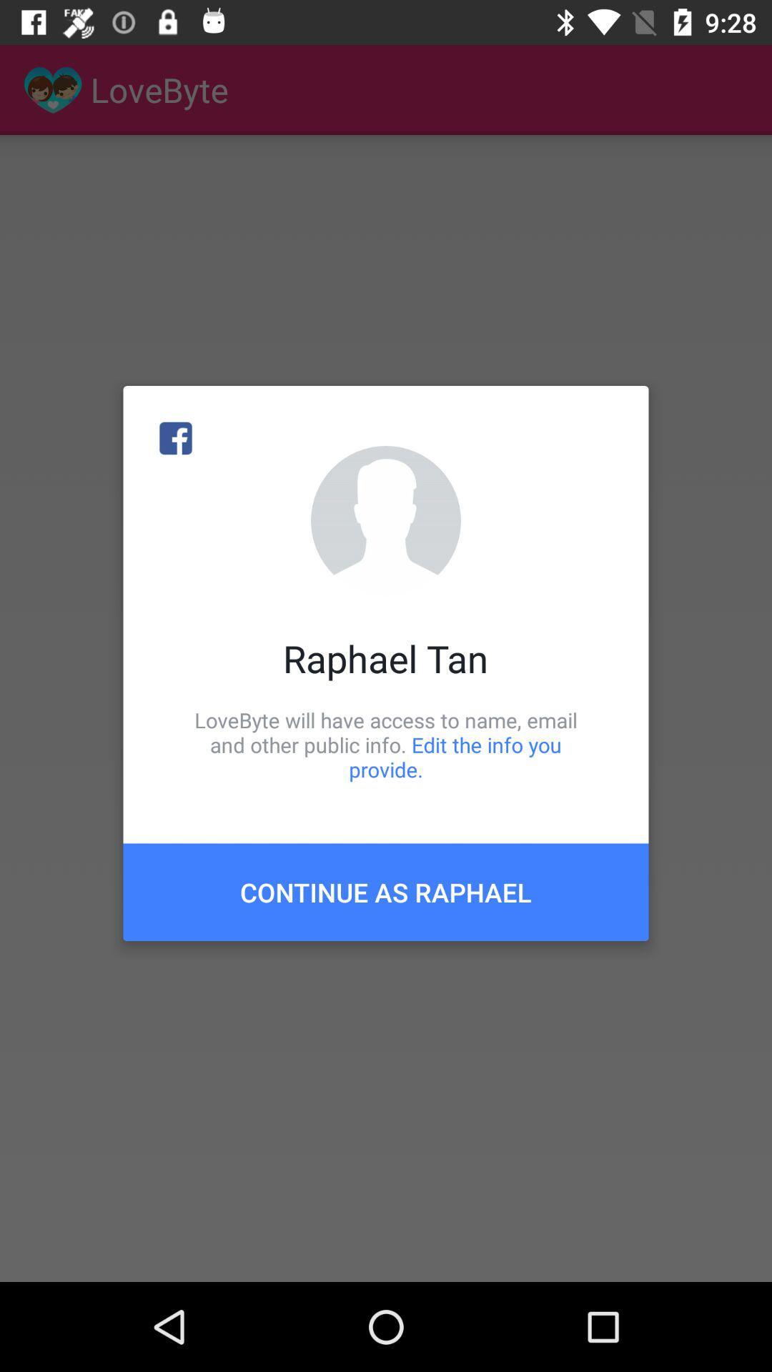 This screenshot has width=772, height=1372. What do you see at coordinates (386, 744) in the screenshot?
I see `the icon below raphael tan` at bounding box center [386, 744].